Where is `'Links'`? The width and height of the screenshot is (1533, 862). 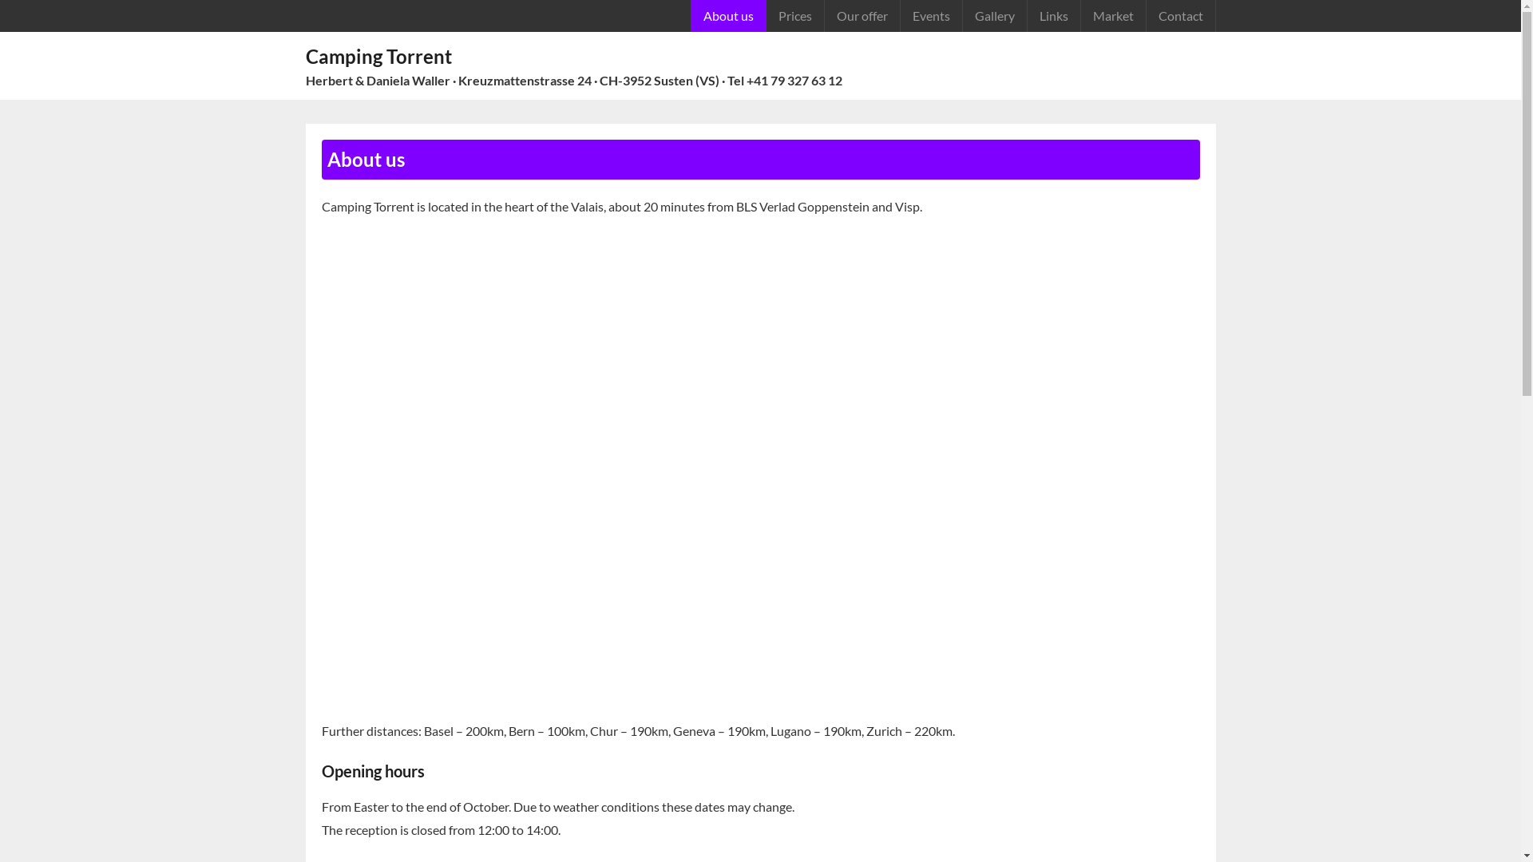 'Links' is located at coordinates (1053, 15).